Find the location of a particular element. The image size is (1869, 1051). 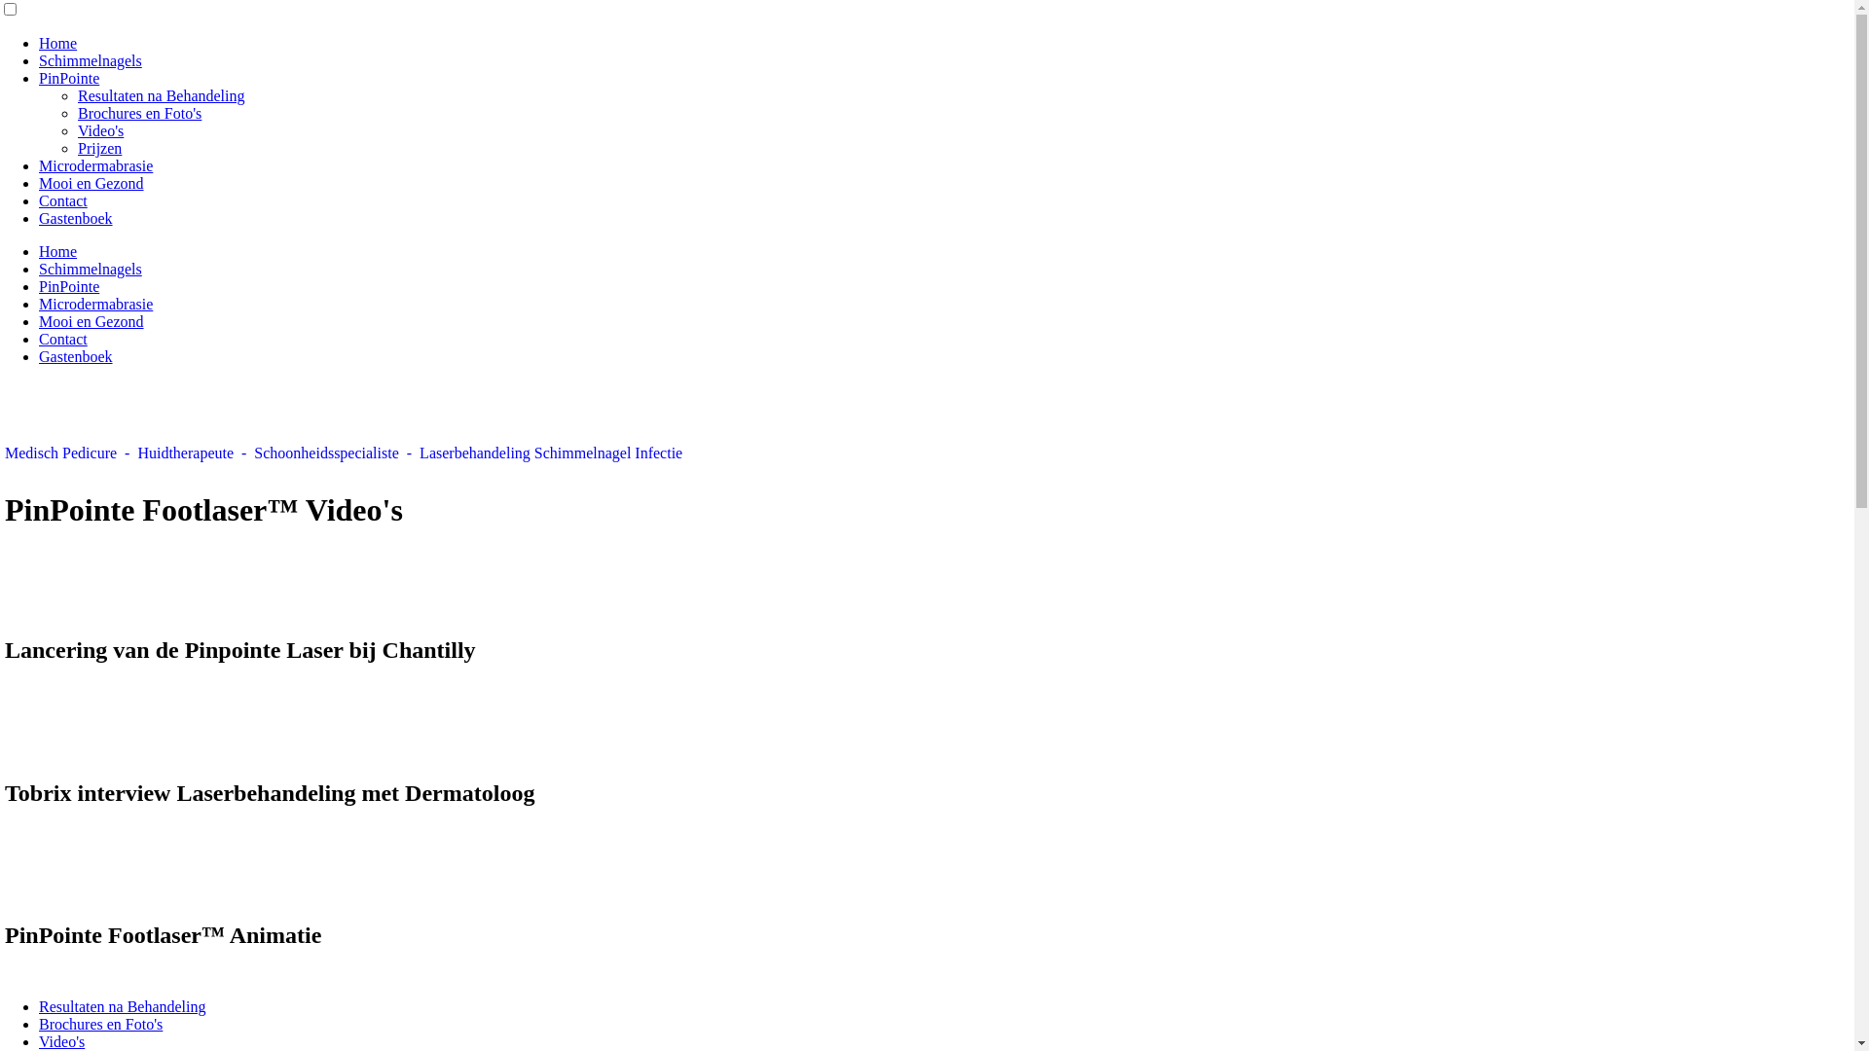

'Contact' is located at coordinates (63, 338).